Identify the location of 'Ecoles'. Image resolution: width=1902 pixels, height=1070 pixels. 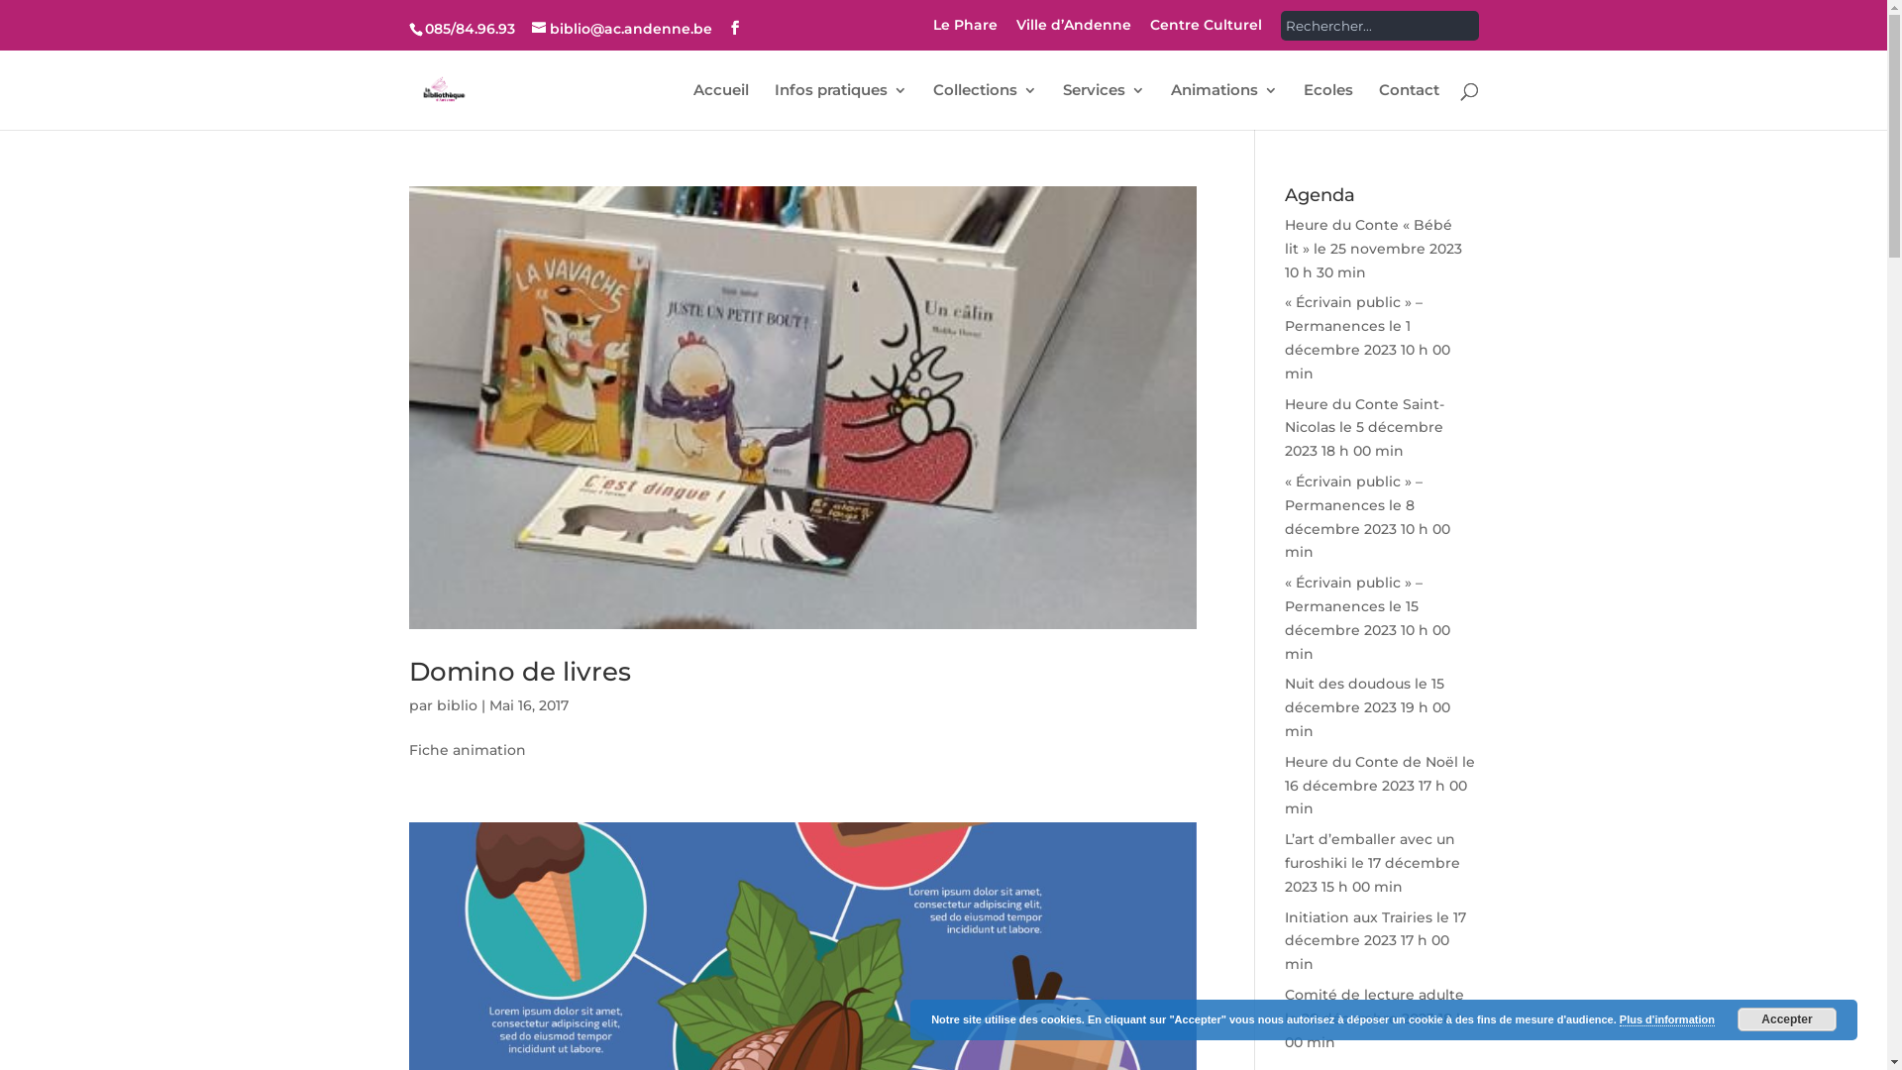
(1327, 106).